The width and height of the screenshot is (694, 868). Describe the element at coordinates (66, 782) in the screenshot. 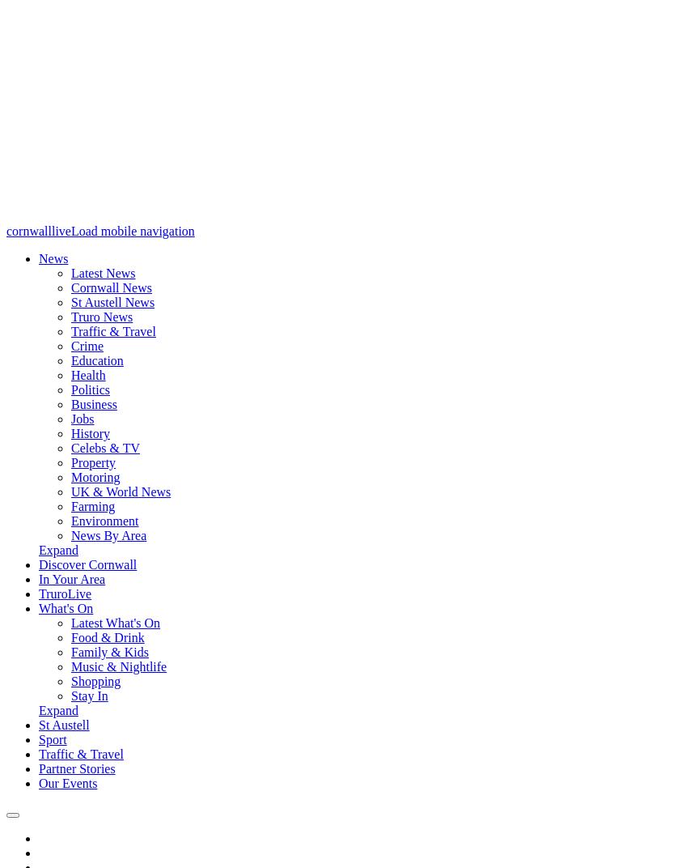

I see `'Our Events'` at that location.